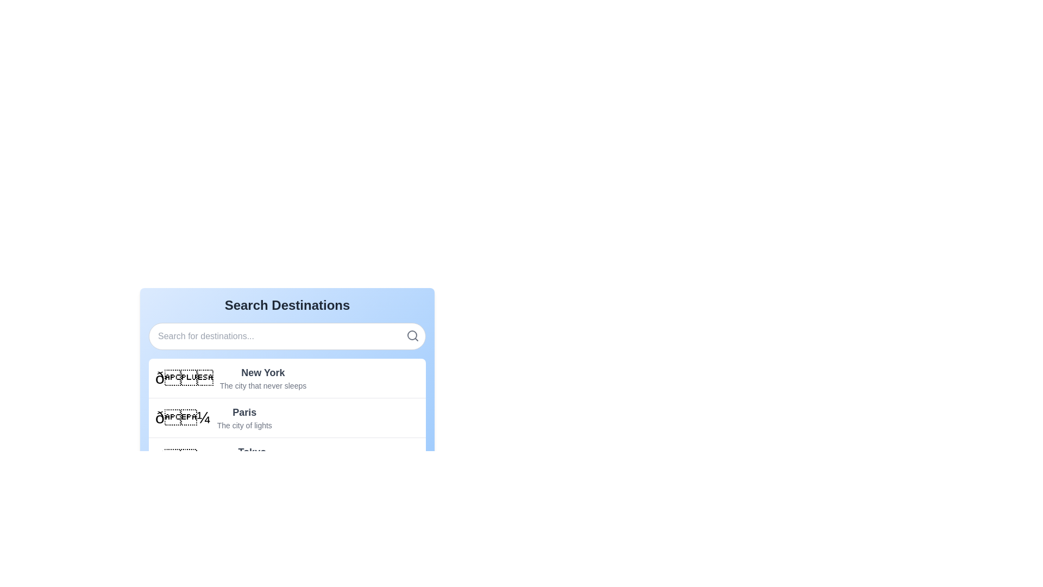 This screenshot has width=1043, height=587. Describe the element at coordinates (411, 335) in the screenshot. I see `the circle that represents the search functionality, located at the top-right corner of the search bar, to perform a search action` at that location.